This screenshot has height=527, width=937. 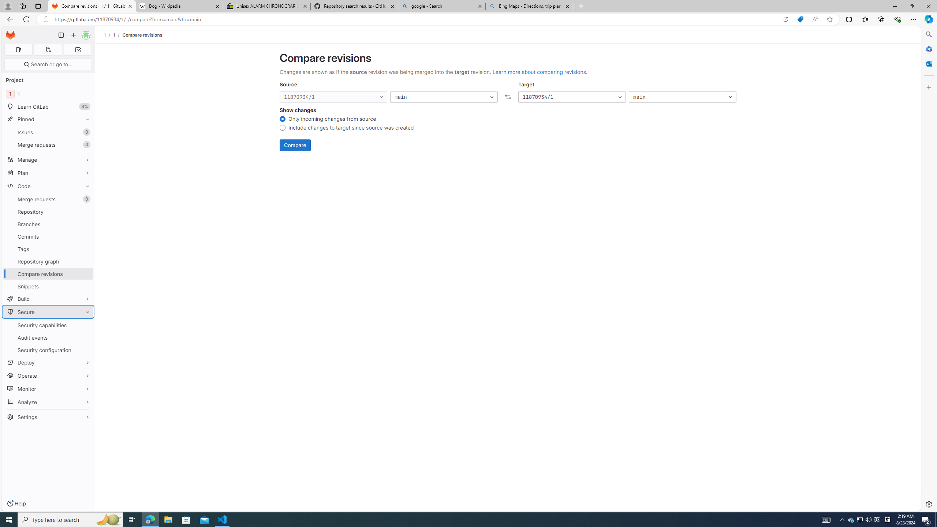 I want to click on 'To-Do list 0', so click(x=77, y=49).